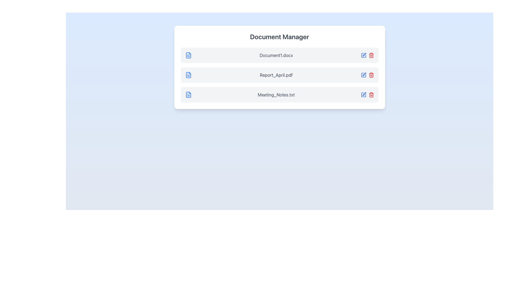 The width and height of the screenshot is (527, 296). What do you see at coordinates (279, 67) in the screenshot?
I see `the second item in the document manager list` at bounding box center [279, 67].